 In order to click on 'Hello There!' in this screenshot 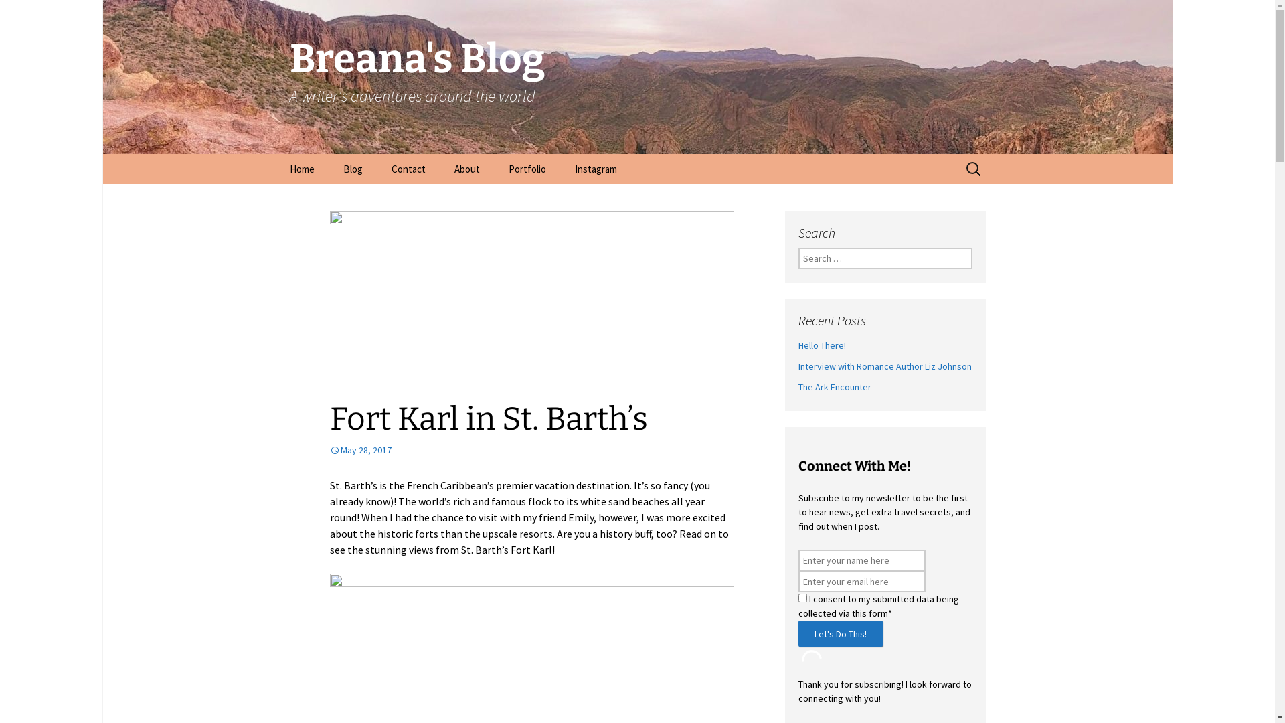, I will do `click(821, 345)`.